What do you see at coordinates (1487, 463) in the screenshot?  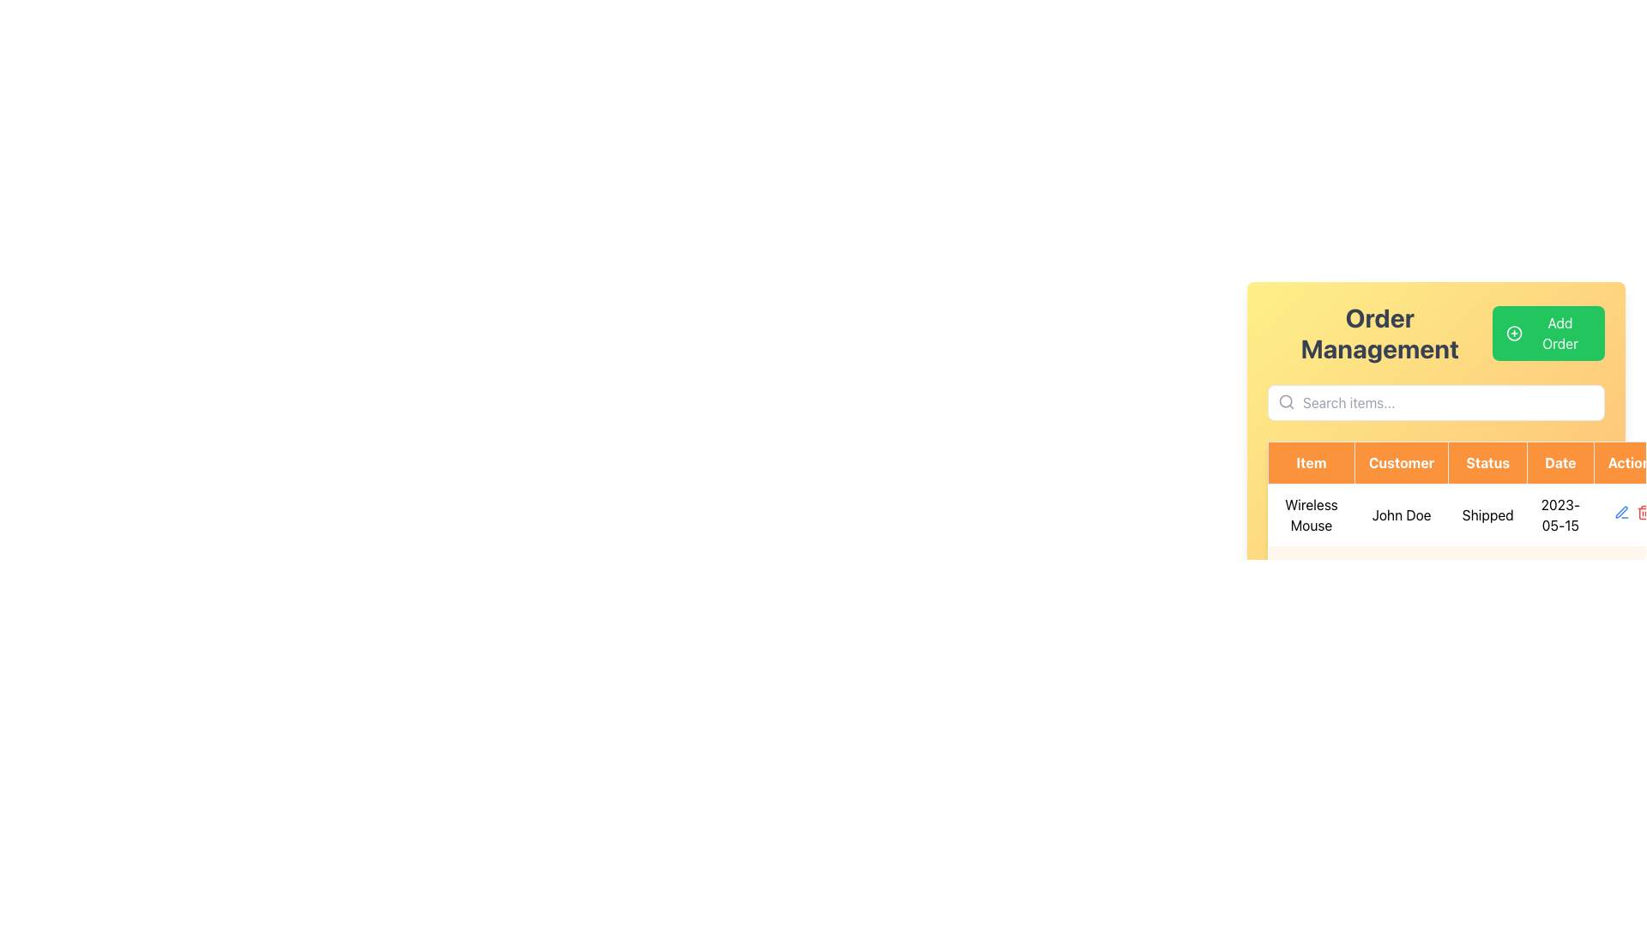 I see `the Table Header Cell labeled 'Status', which has a bright orange background and white text, located in the header row of the table` at bounding box center [1487, 463].